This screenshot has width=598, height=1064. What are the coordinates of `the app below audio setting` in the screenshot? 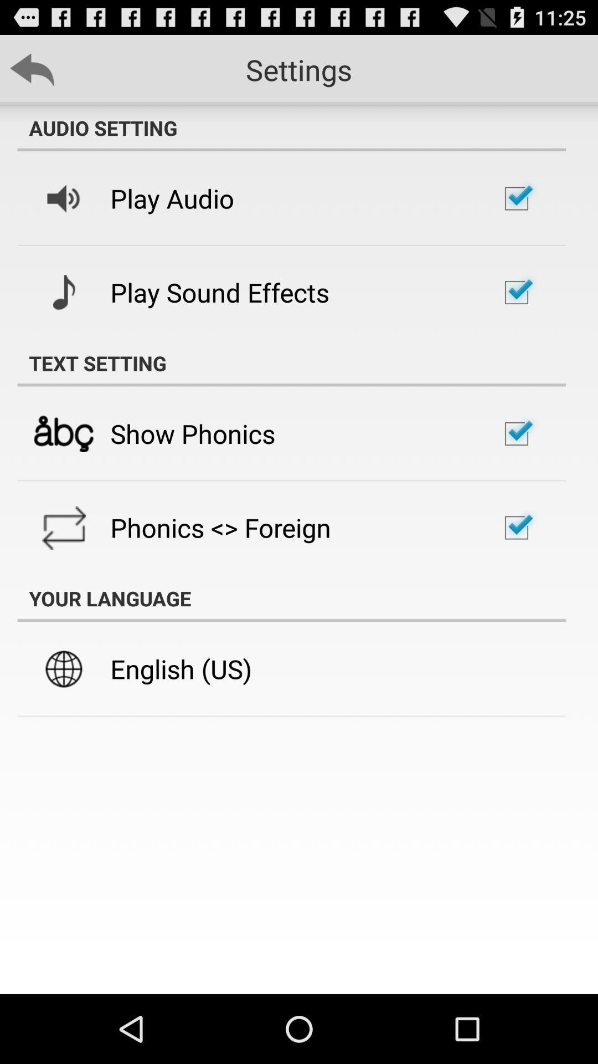 It's located at (172, 198).